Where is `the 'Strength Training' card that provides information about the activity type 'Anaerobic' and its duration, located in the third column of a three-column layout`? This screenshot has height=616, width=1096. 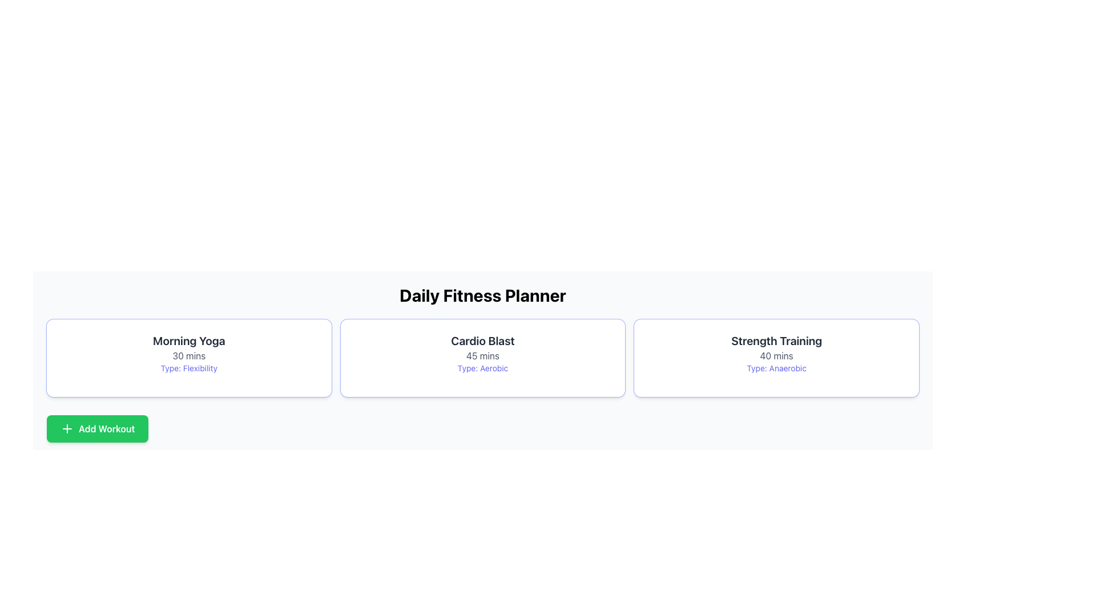
the 'Strength Training' card that provides information about the activity type 'Anaerobic' and its duration, located in the third column of a three-column layout is located at coordinates (776, 358).